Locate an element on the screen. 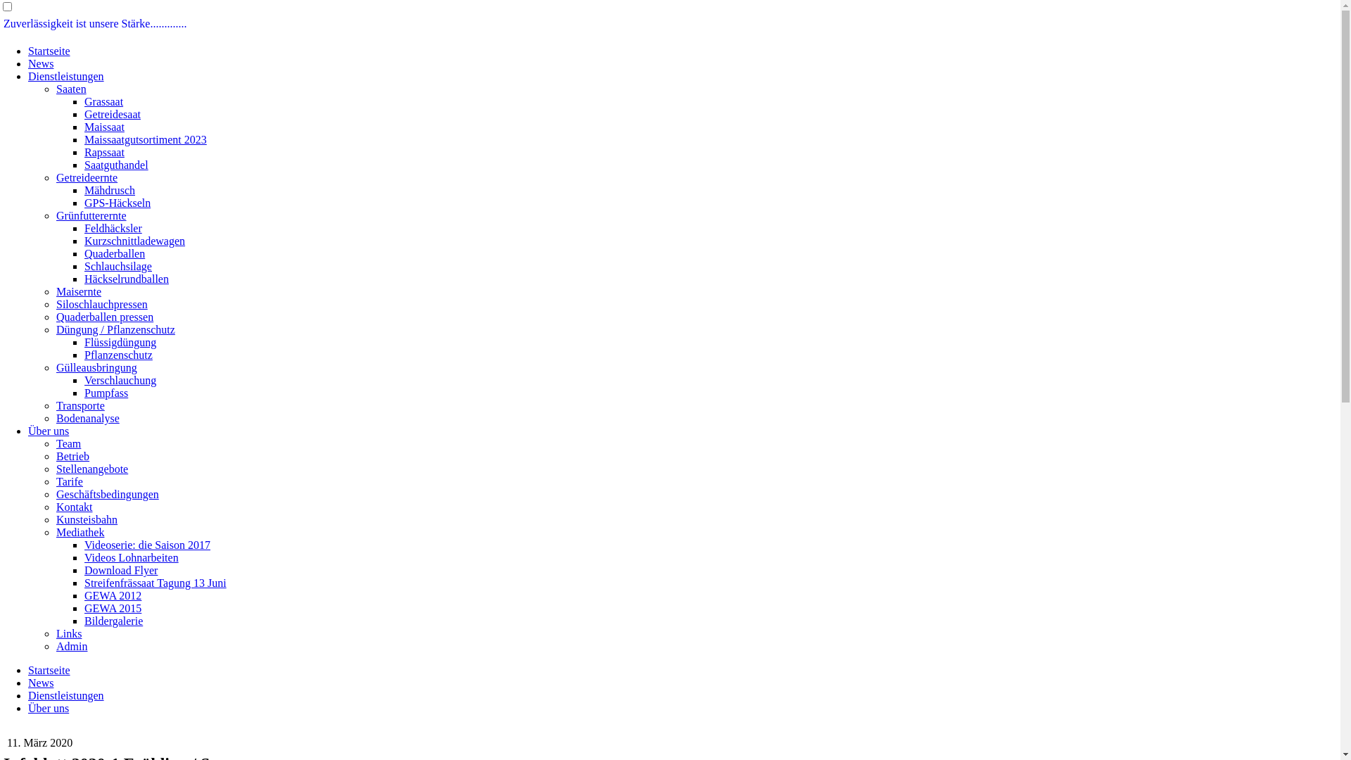 The height and width of the screenshot is (760, 1351). 'Kontakt' is located at coordinates (73, 507).